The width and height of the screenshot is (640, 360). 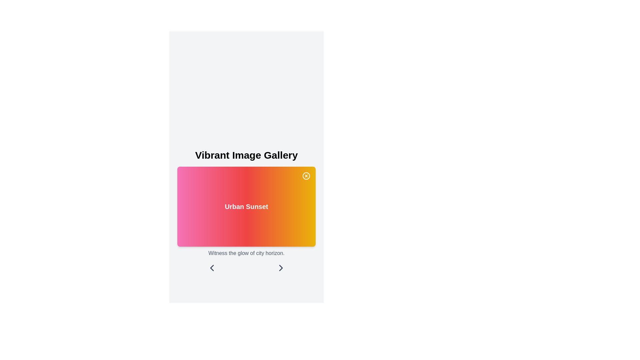 I want to click on the left navigation button located at the bottom-left corner of the interface, so click(x=211, y=267).